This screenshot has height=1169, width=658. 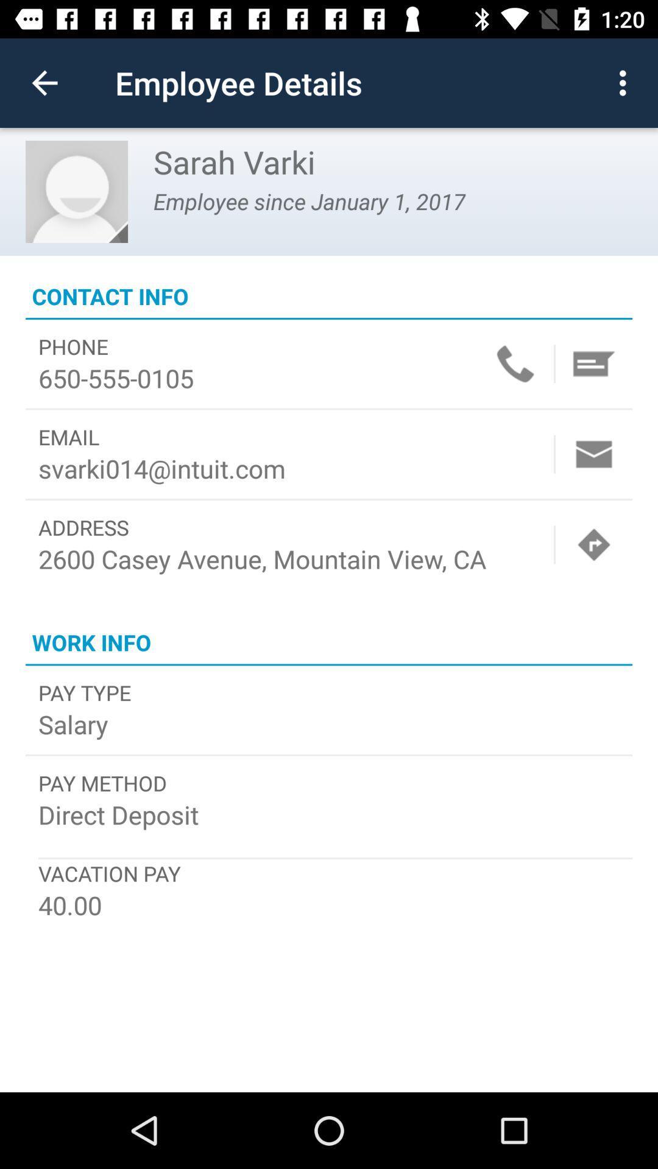 What do you see at coordinates (77, 191) in the screenshot?
I see `item to the left of sarah varki item` at bounding box center [77, 191].